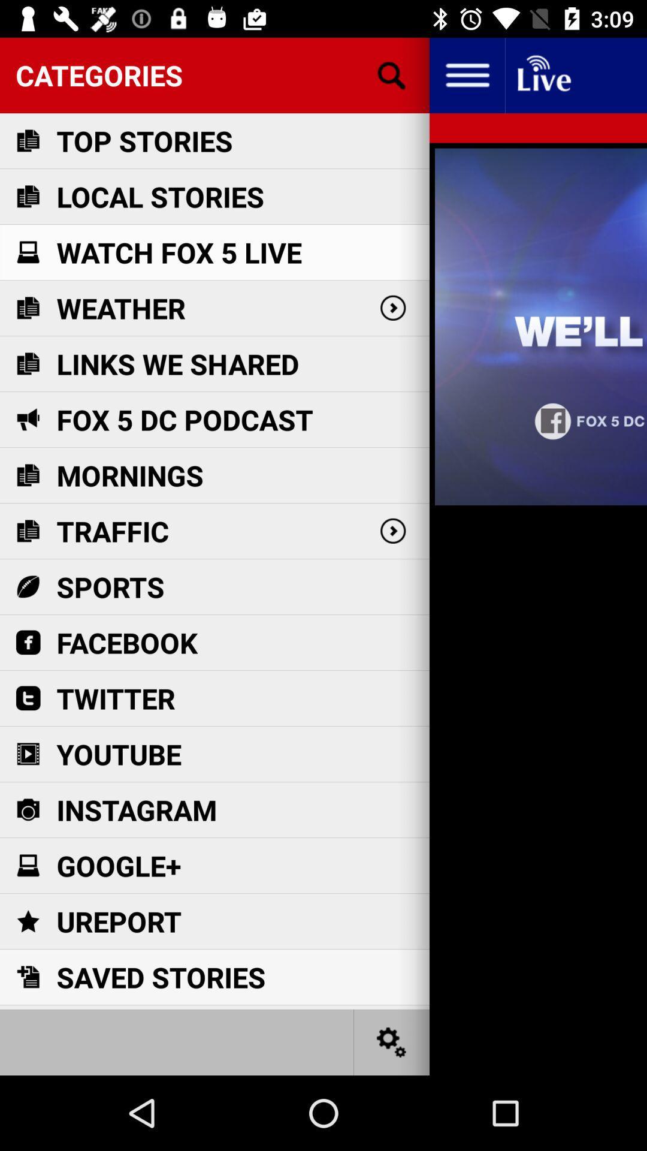 Image resolution: width=647 pixels, height=1151 pixels. Describe the element at coordinates (119, 866) in the screenshot. I see `item above ureport` at that location.